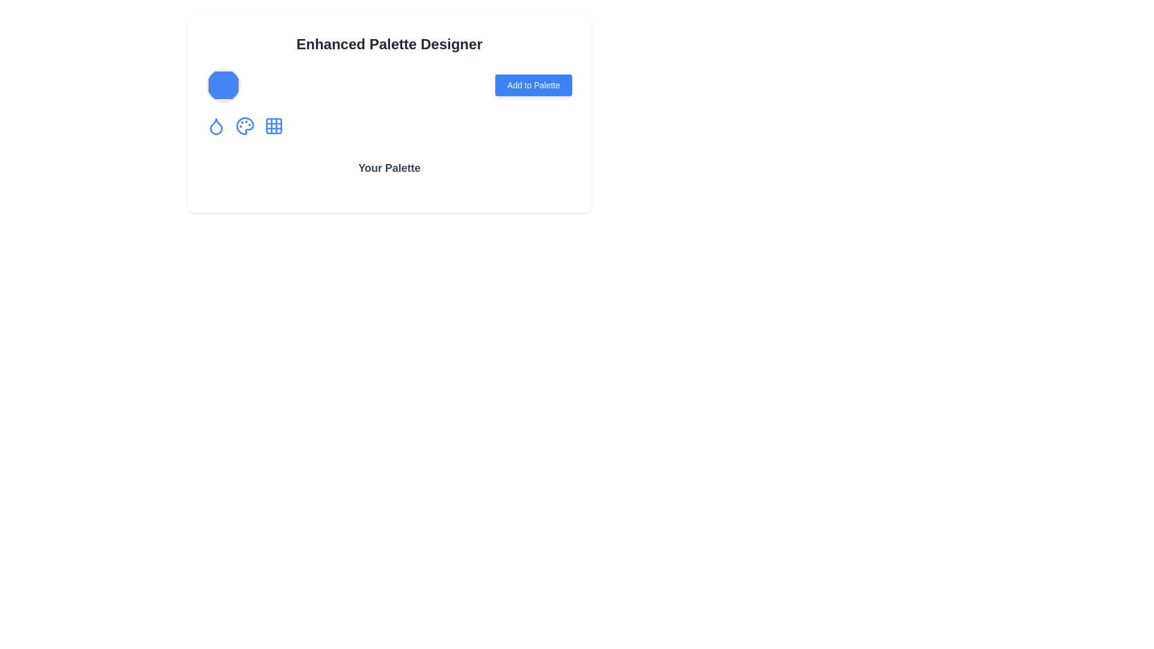 The image size is (1154, 649). Describe the element at coordinates (533, 85) in the screenshot. I see `the rectangular blue button with rounded corners labeled 'Add to Palette' for visual feedback` at that location.